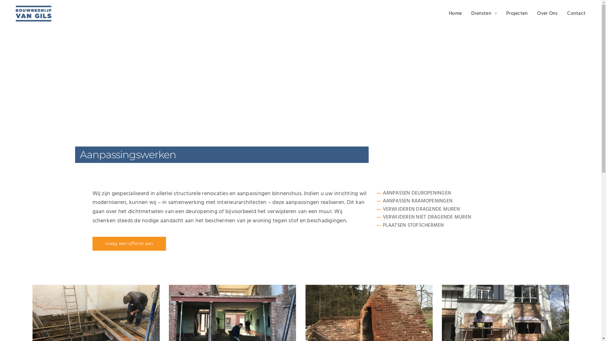 This screenshot has width=606, height=341. Describe the element at coordinates (20, 7) in the screenshot. I see `'Search'` at that location.